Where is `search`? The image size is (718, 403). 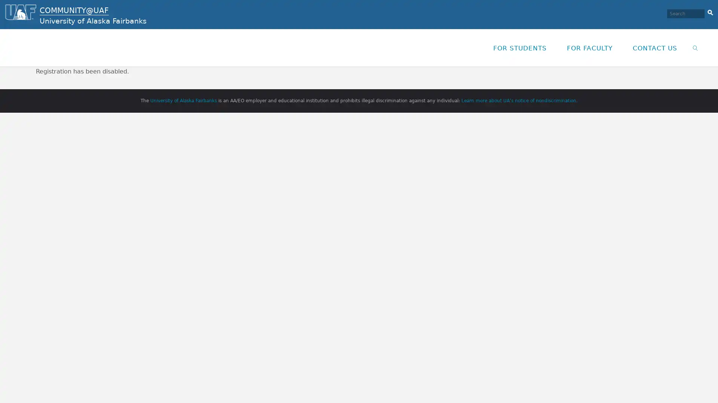
search is located at coordinates (710, 11).